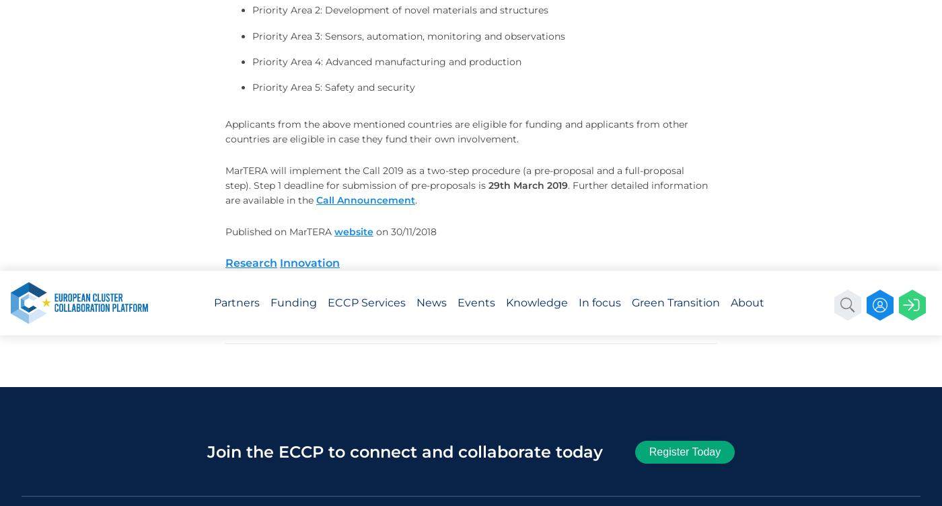 Image resolution: width=942 pixels, height=506 pixels. I want to click on 'Unless otherwise indicated (e.g. in individual
copyright notices), content owned by the EU on this website is licensed under the', so click(700, 48).